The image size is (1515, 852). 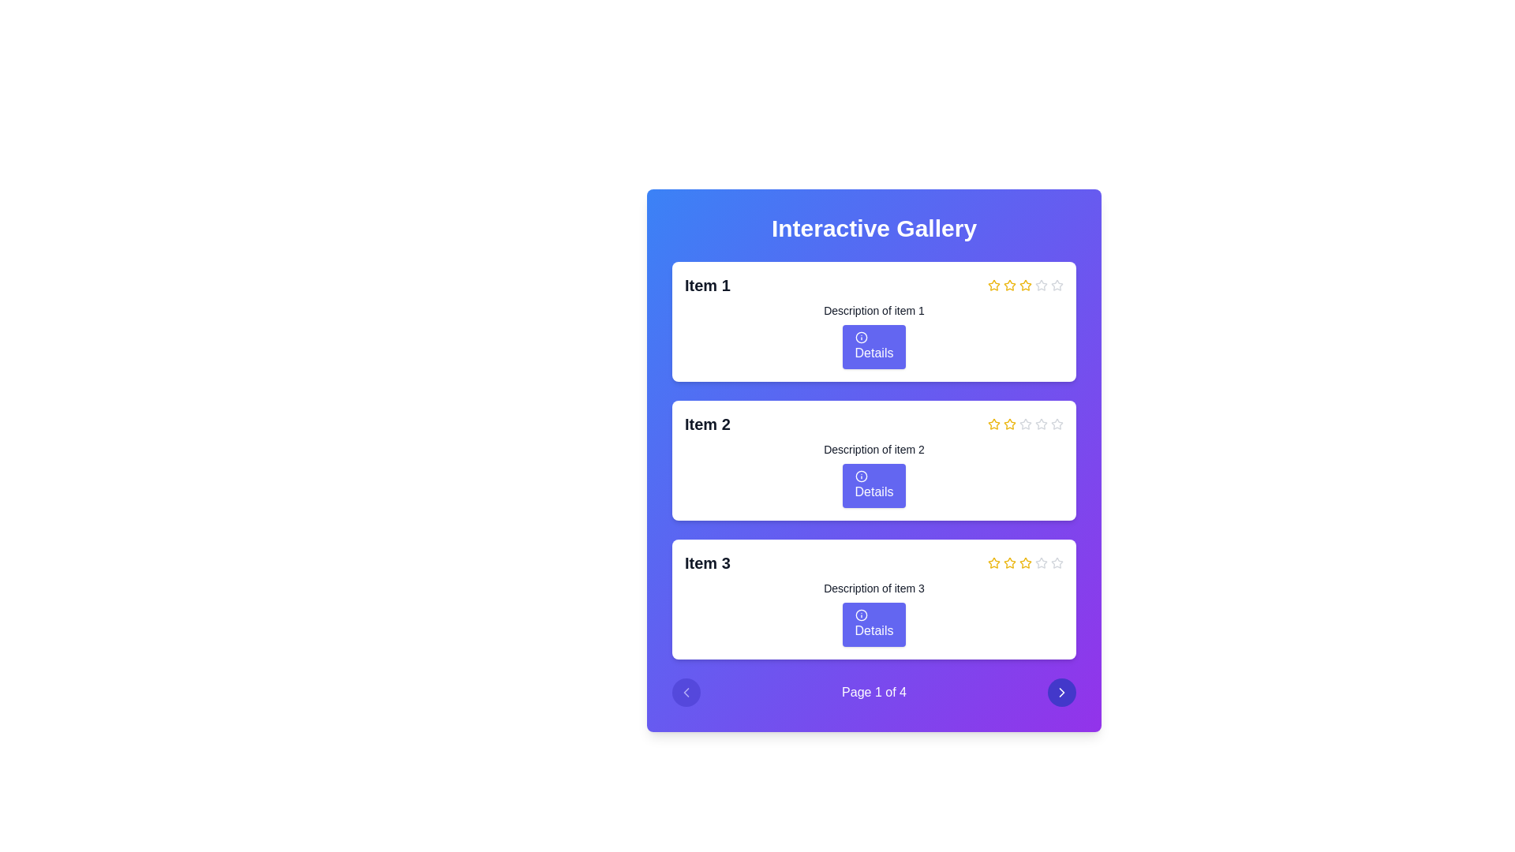 I want to click on the text label displaying 'Item 2' in bold black font on a white card with a blue background, so click(x=706, y=423).